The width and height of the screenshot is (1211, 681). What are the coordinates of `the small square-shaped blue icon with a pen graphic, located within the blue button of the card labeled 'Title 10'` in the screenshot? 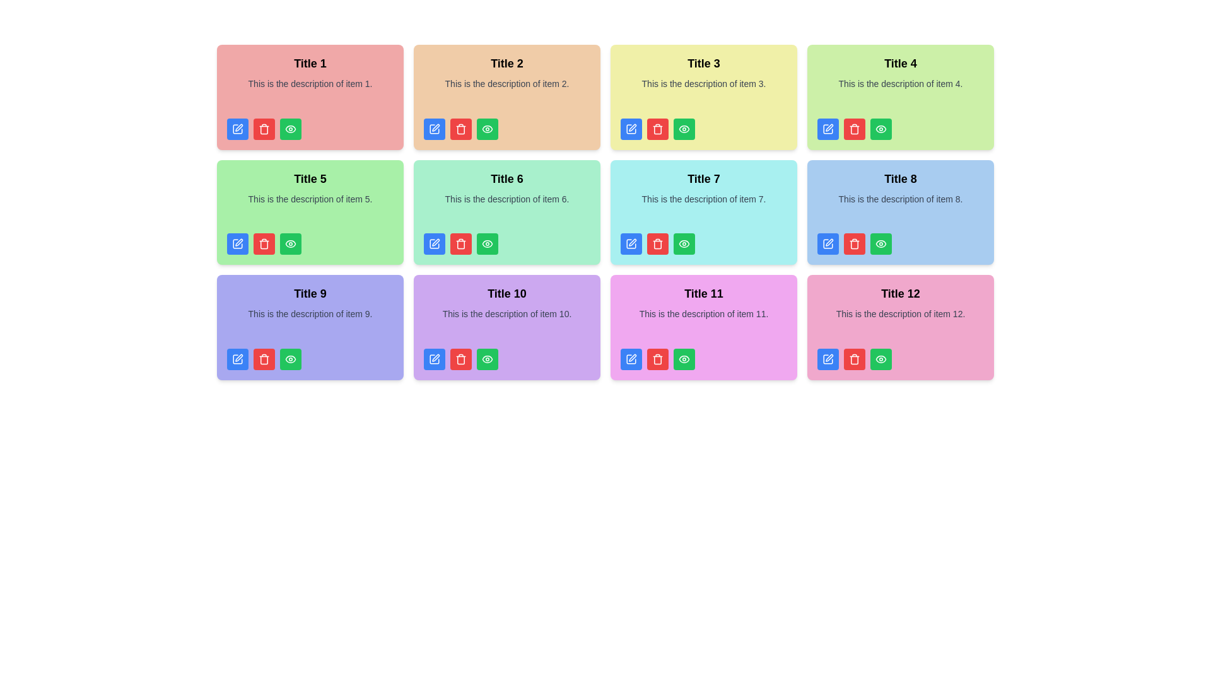 It's located at (435, 359).